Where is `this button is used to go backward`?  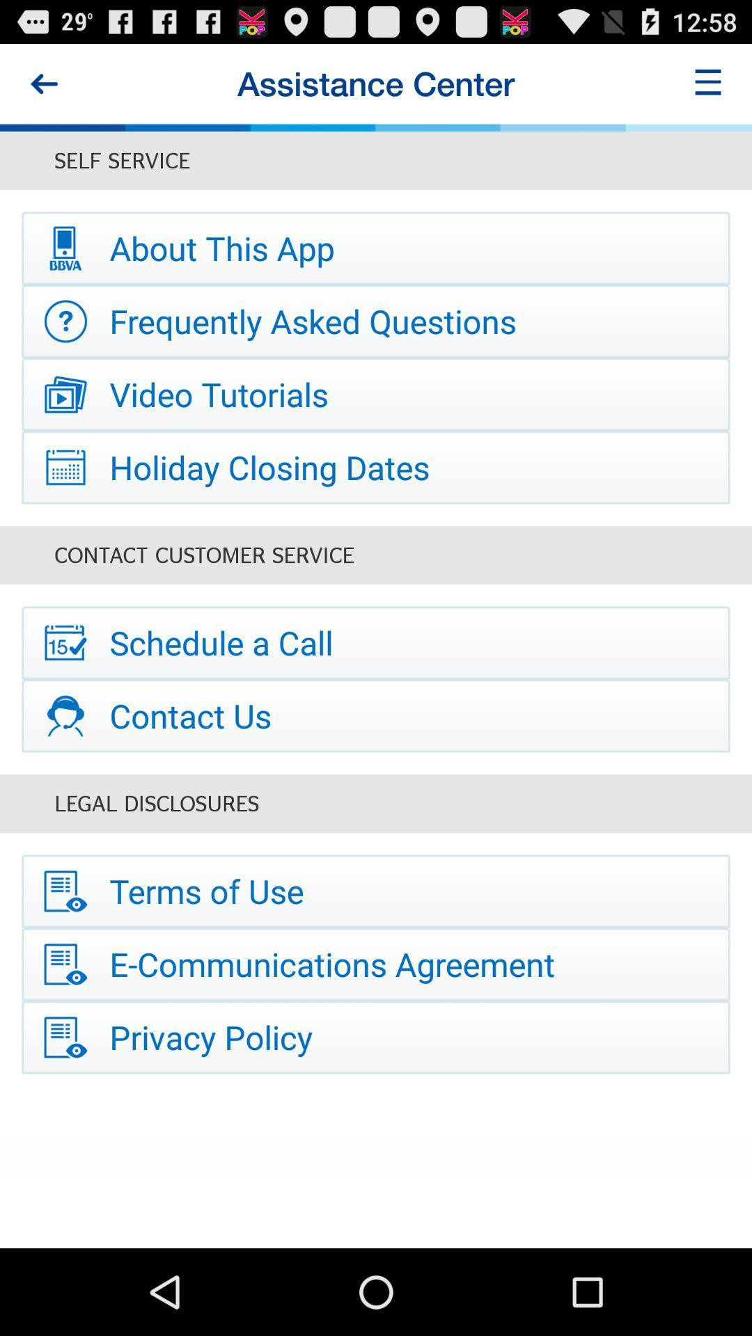
this button is used to go backward is located at coordinates (42, 83).